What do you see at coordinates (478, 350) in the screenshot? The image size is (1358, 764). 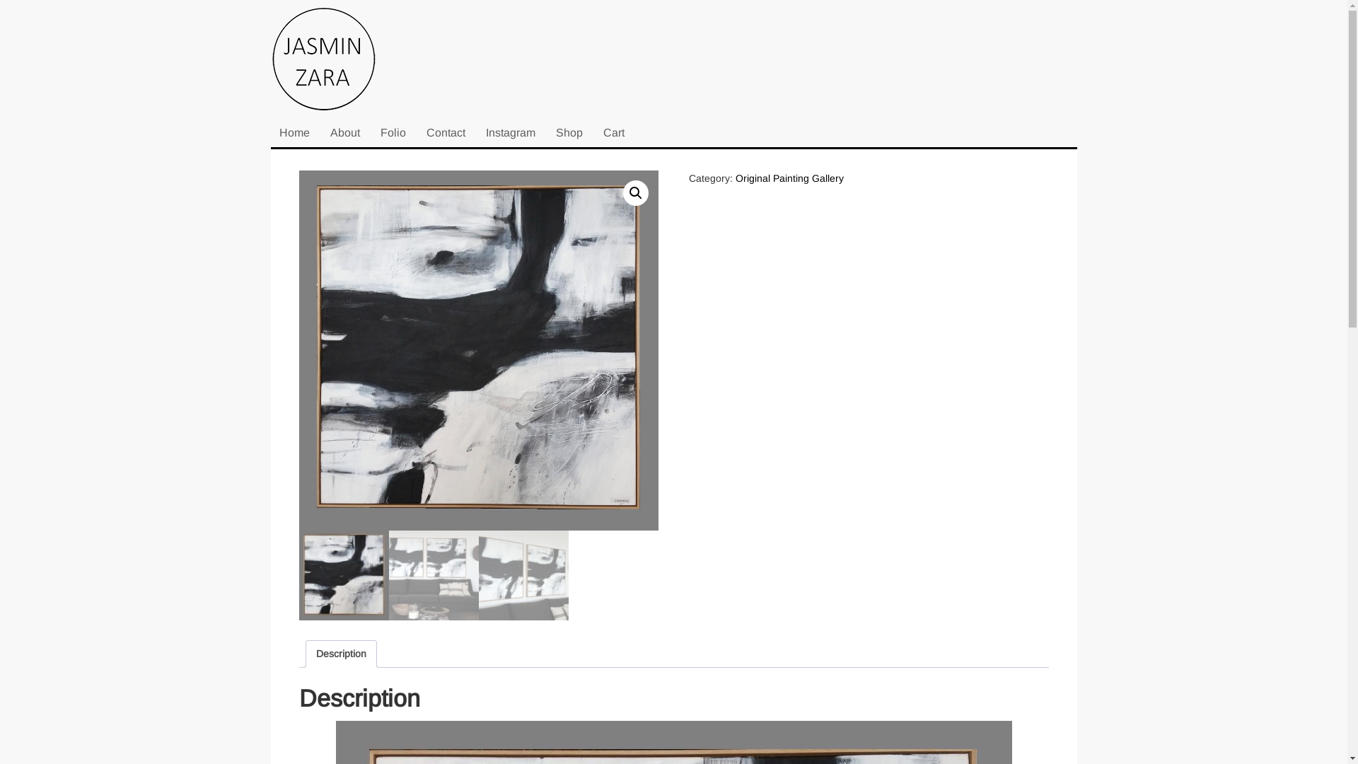 I see `''Black Lines 10.' 120 x 120cm framed'` at bounding box center [478, 350].